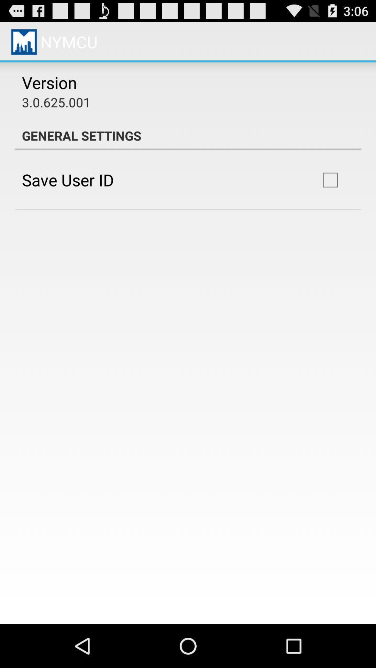  Describe the element at coordinates (188, 135) in the screenshot. I see `general settings item` at that location.